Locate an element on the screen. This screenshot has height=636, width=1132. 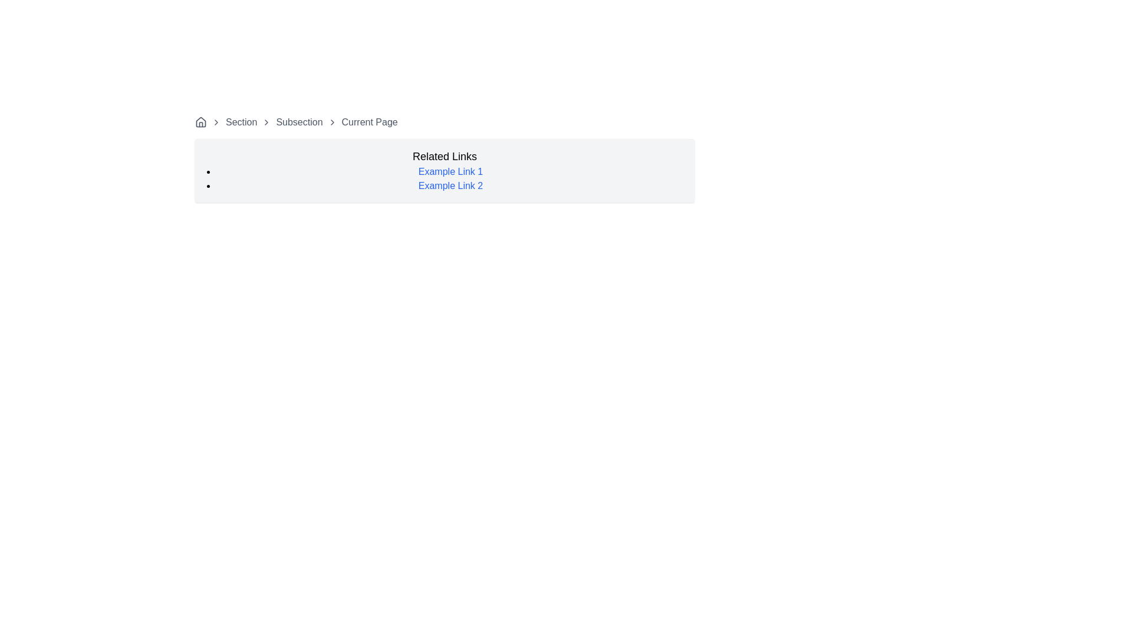
the stylized house icon in the breadcrumb navigation is located at coordinates (200, 122).